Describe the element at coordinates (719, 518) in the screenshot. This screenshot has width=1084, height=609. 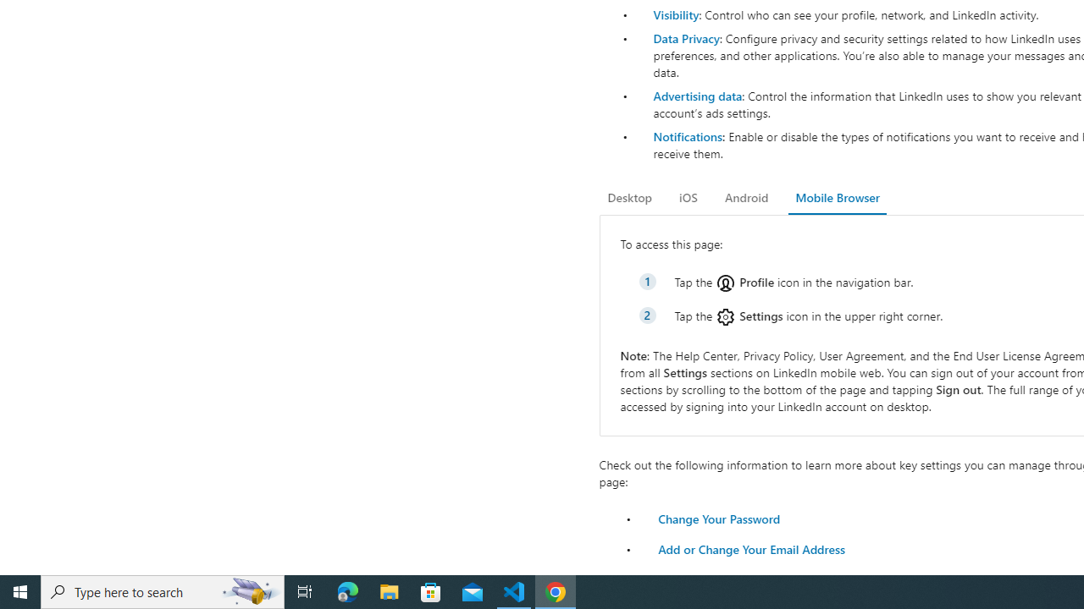
I see `'Change Your Password'` at that location.